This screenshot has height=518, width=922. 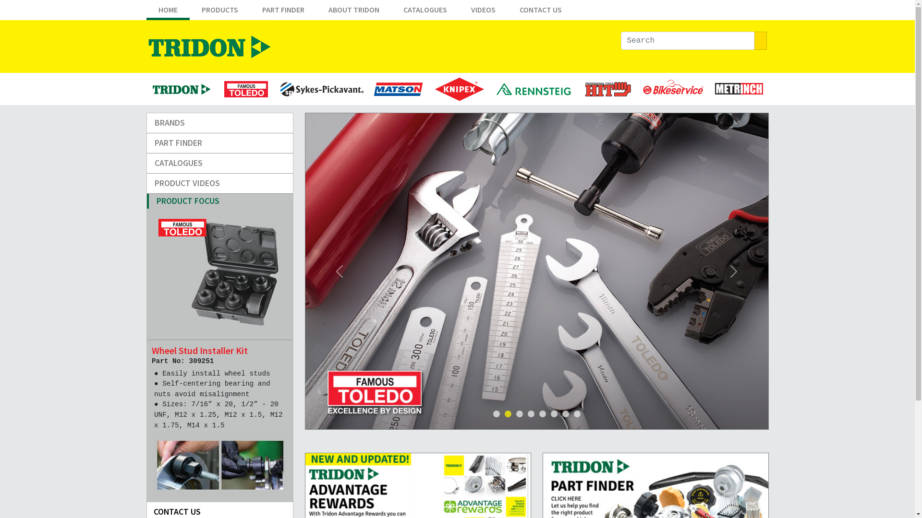 What do you see at coordinates (168, 12) in the screenshot?
I see `'HOME'` at bounding box center [168, 12].